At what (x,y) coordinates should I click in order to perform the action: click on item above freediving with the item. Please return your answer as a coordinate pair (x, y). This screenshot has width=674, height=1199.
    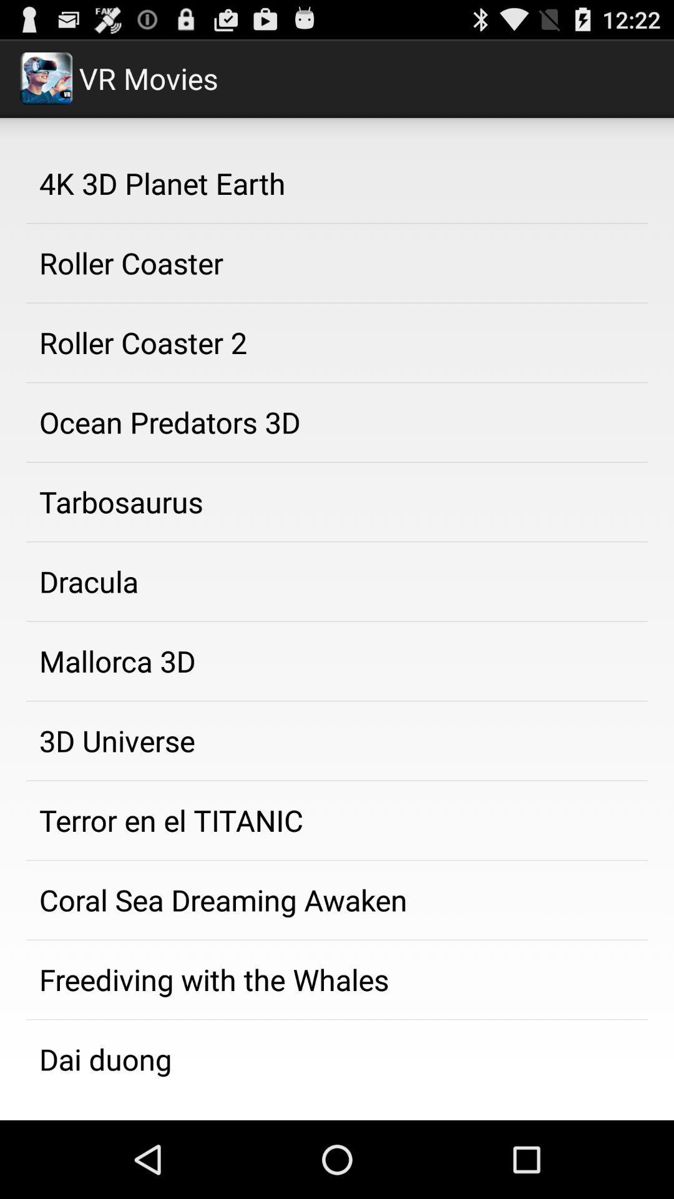
    Looking at the image, I should click on (337, 900).